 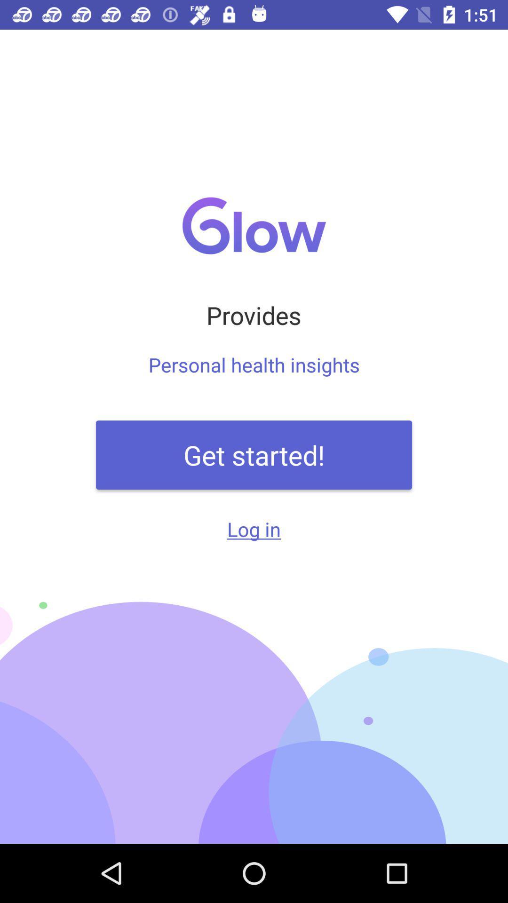 What do you see at coordinates (254, 455) in the screenshot?
I see `the get started! item` at bounding box center [254, 455].